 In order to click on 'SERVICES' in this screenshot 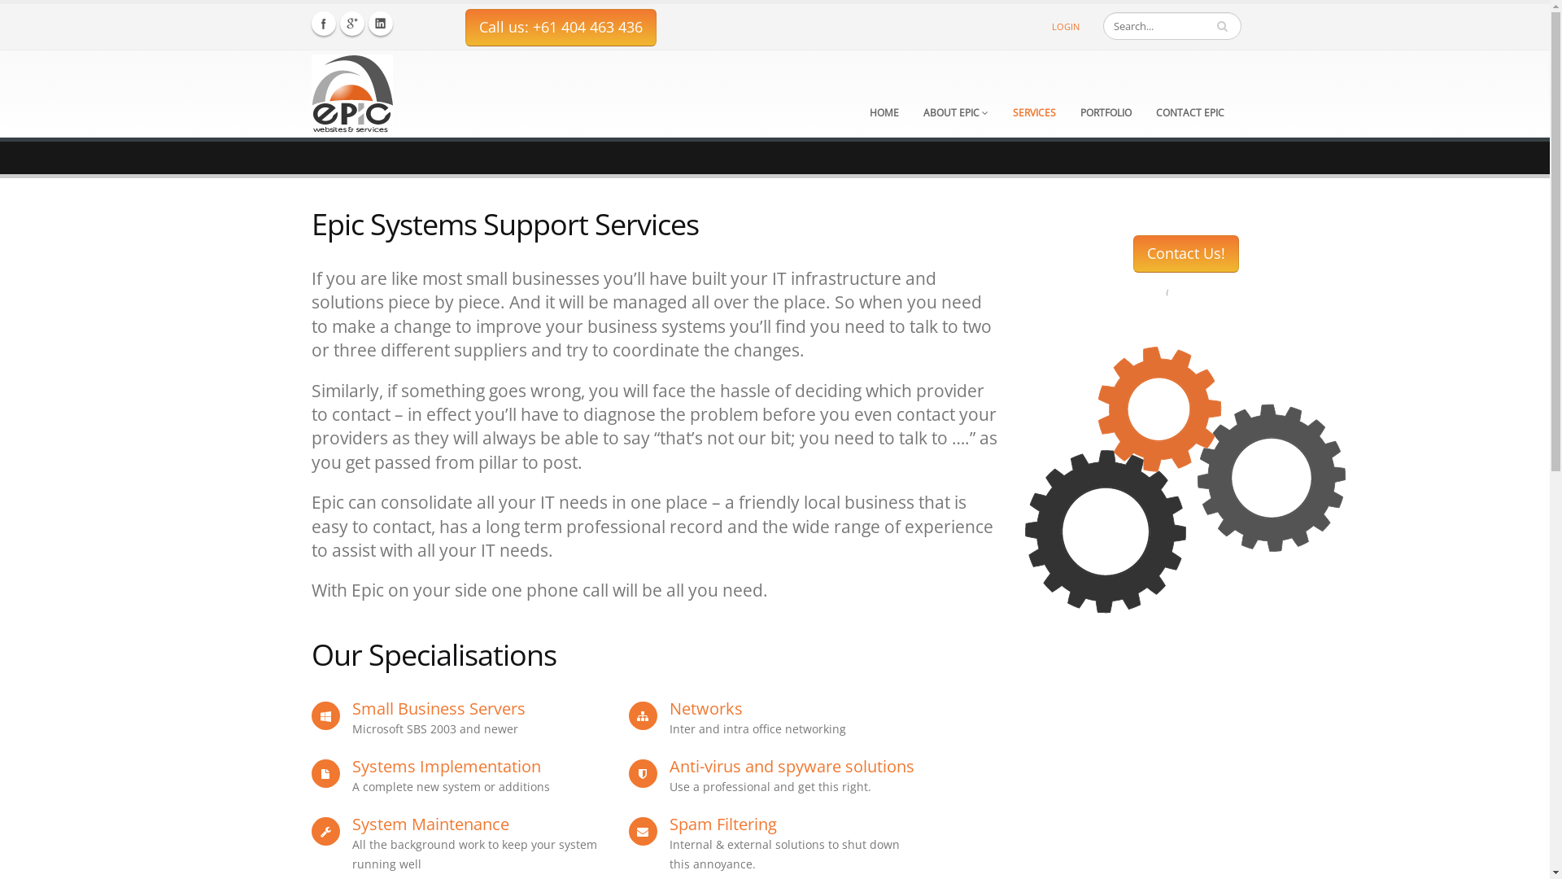, I will do `click(1033, 100)`.